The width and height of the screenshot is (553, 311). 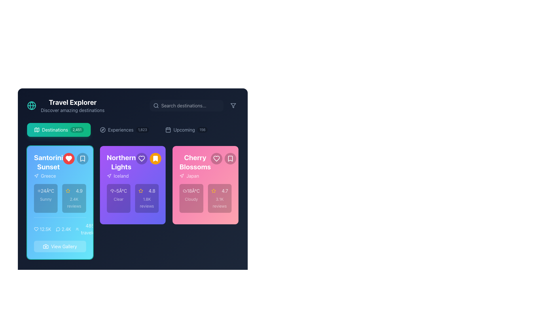 What do you see at coordinates (219, 191) in the screenshot?
I see `the rating details associated with the score displayed by the yellow star icon and the text '4.7' in the upper portion of the pink card` at bounding box center [219, 191].